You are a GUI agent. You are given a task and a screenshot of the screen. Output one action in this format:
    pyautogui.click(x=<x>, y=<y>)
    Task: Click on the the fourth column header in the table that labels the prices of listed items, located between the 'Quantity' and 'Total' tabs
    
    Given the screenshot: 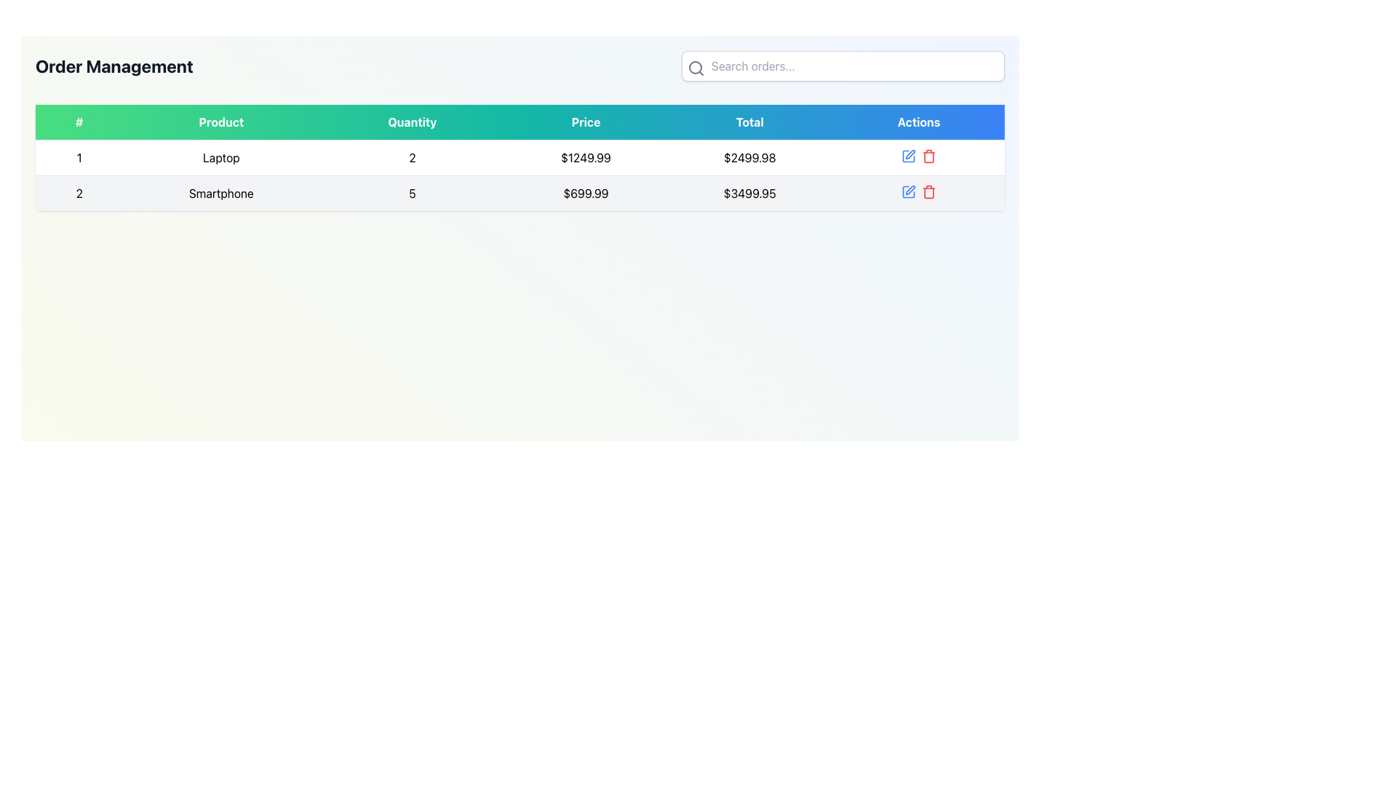 What is the action you would take?
    pyautogui.click(x=586, y=122)
    